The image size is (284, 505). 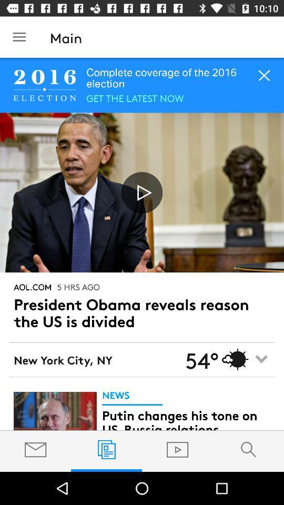 I want to click on the close icon, so click(x=263, y=76).